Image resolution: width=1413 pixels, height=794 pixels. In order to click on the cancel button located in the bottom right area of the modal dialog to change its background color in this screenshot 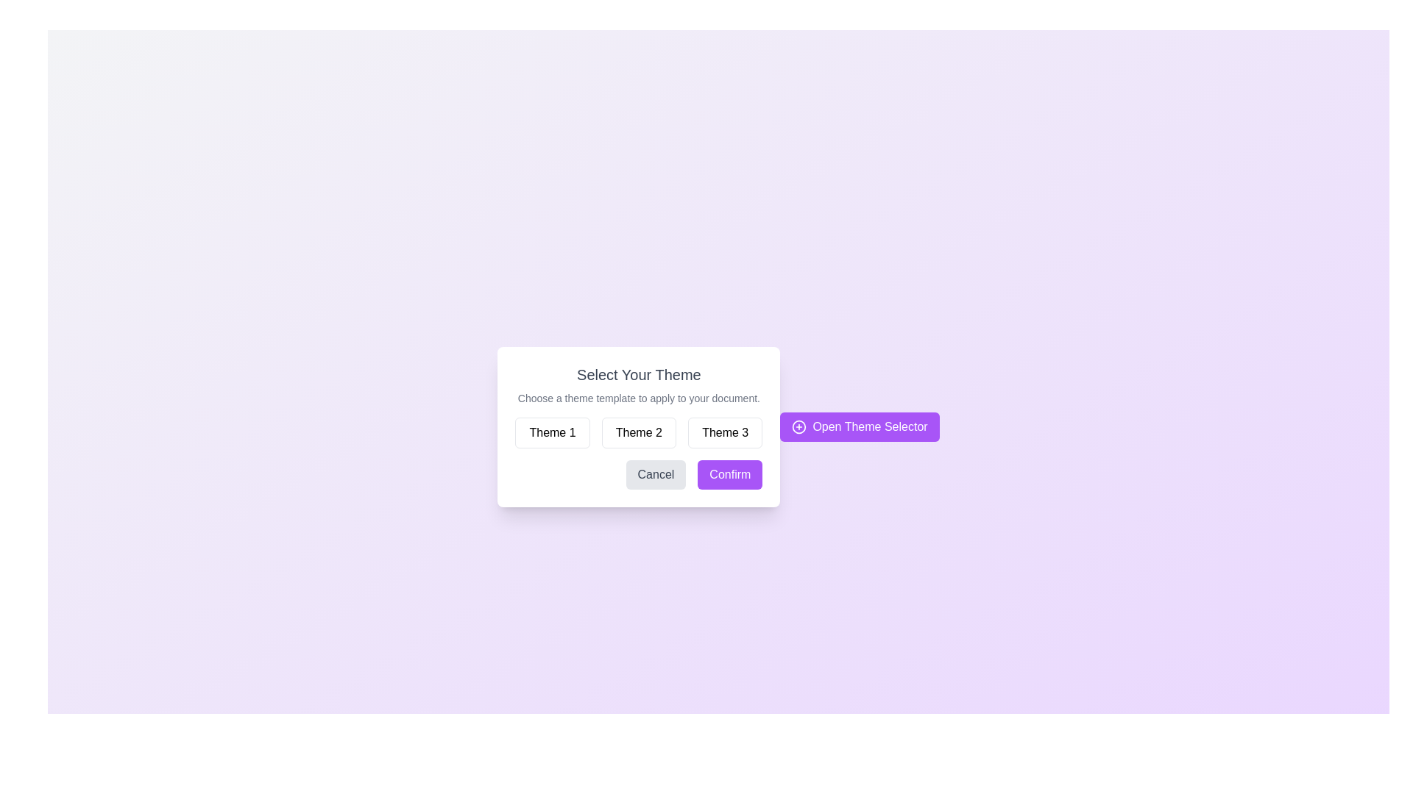, I will do `click(655, 474)`.